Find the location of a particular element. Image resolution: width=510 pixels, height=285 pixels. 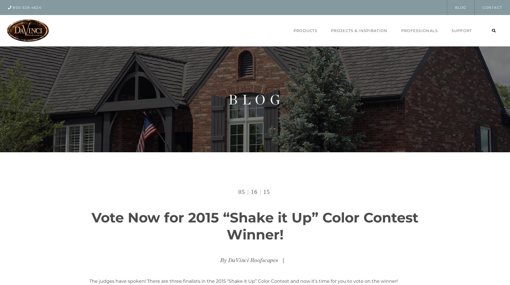

'The judges have spoken! There are three finalists in the 2015 “Shake it Up” Color Contest and now it’s time for you to vote on the winner!' is located at coordinates (243, 281).